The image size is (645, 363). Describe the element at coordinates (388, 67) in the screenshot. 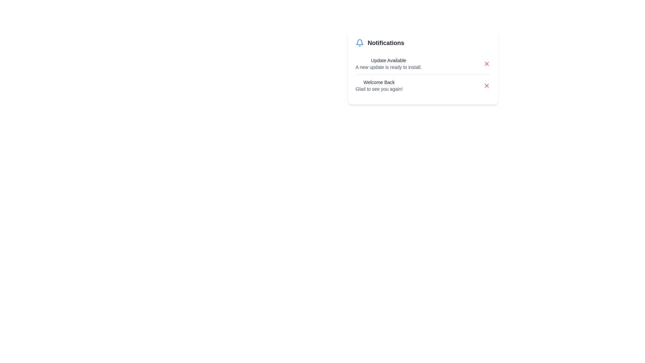

I see `the text label that provides additional context about the update in the notification card, located beneath the title 'Update Available'` at that location.